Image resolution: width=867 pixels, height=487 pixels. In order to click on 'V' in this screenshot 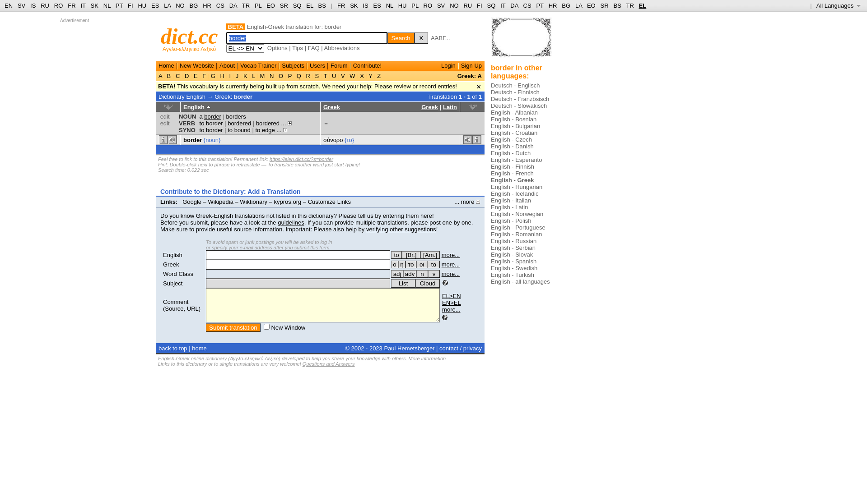, I will do `click(342, 75)`.